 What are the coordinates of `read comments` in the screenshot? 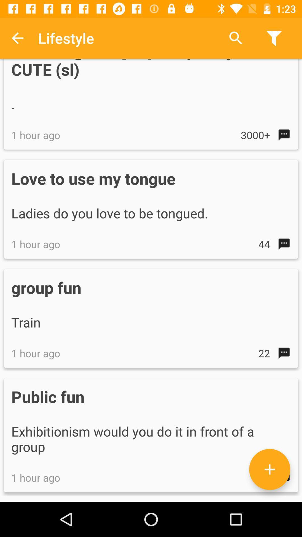 It's located at (269, 469).